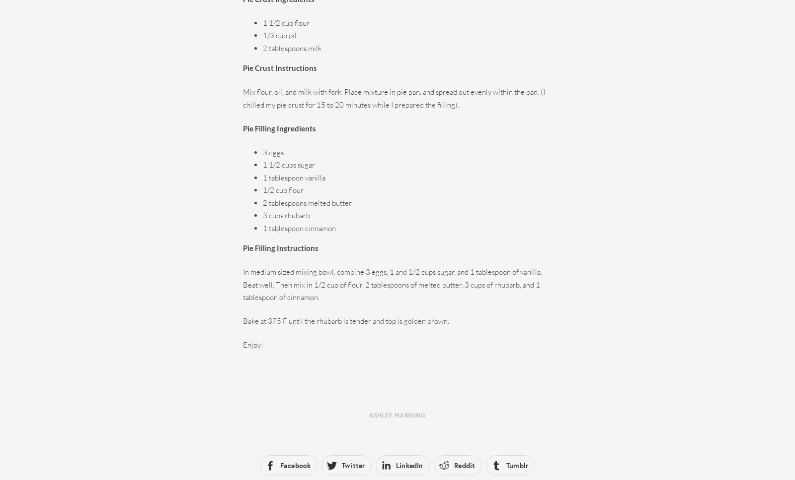 Image resolution: width=795 pixels, height=480 pixels. Describe the element at coordinates (397, 415) in the screenshot. I see `'Ashley Manning'` at that location.